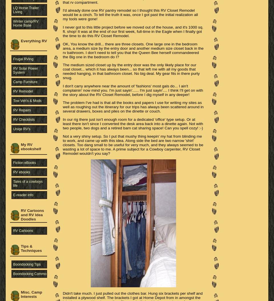 The width and height of the screenshot is (274, 301). What do you see at coordinates (131, 71) in the screenshot?
I see `'The medium sized
closet up by the entry door was the only likely place for our coat
closet... which it has always been... so that left me with all my goods
that needed hanging, in that bathroom closet. No big deal. My gear fits
in there purty snug.'` at bounding box center [131, 71].